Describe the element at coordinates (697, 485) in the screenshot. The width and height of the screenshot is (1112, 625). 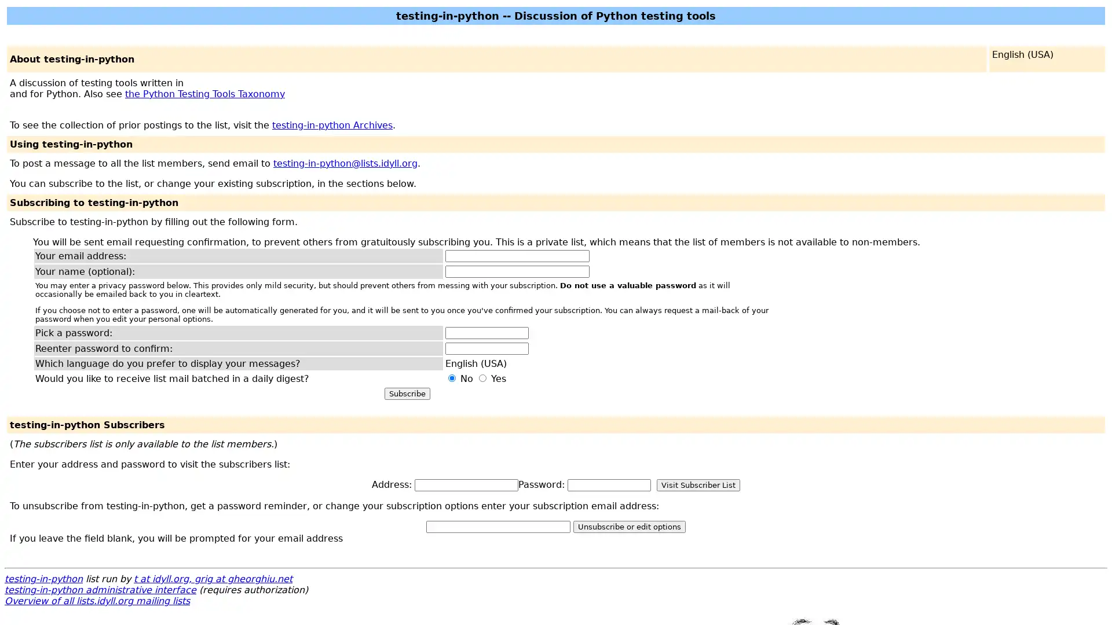
I see `Visit Subscriber List` at that location.